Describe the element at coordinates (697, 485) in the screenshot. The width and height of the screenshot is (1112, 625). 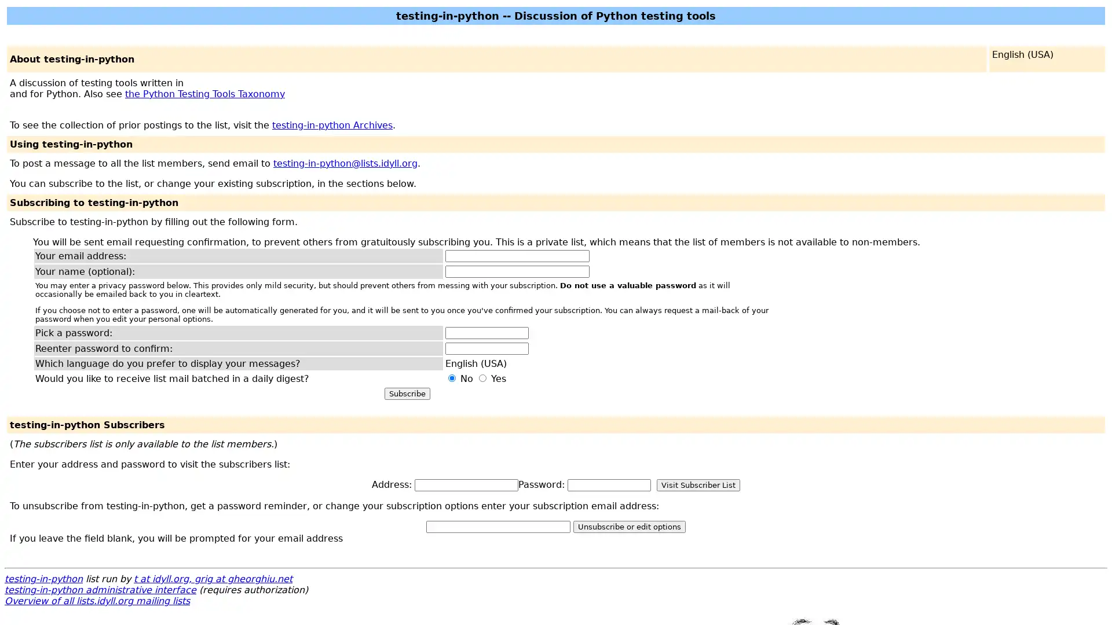
I see `Visit Subscriber List` at that location.